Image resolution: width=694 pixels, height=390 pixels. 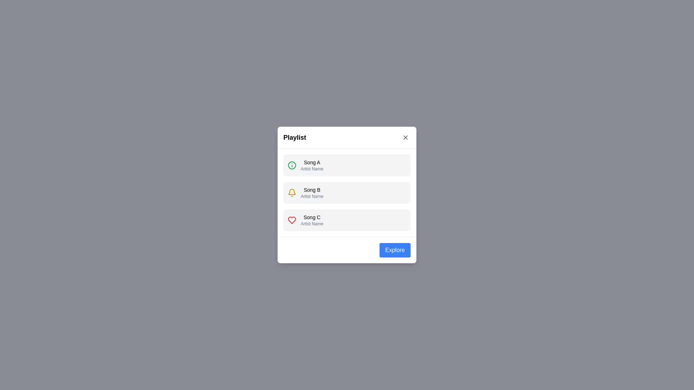 I want to click on the small 'X' icon button located at the top-right corner of the 'Playlist' card, so click(x=406, y=138).